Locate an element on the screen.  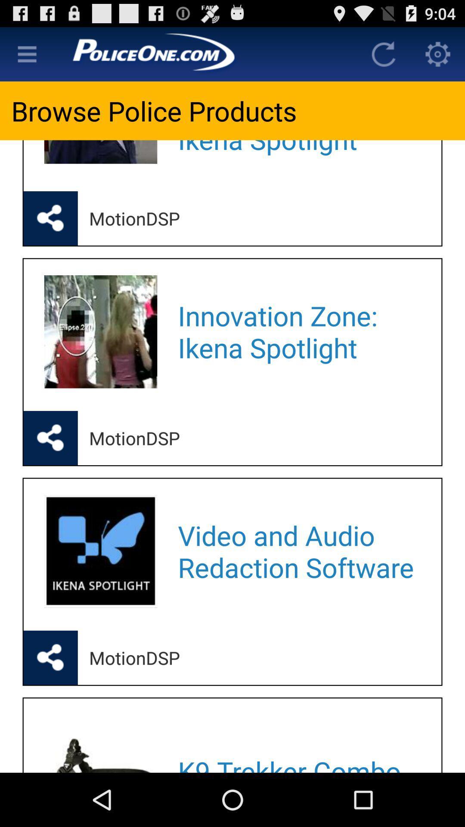
sahre is located at coordinates (50, 657).